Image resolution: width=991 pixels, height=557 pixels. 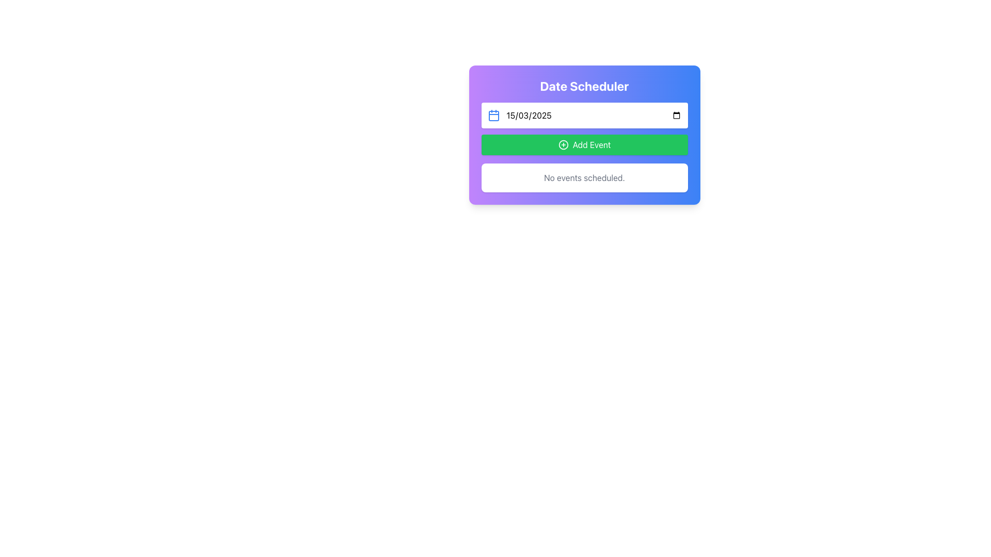 What do you see at coordinates (563, 145) in the screenshot?
I see `the circular outline icon located at the top center of the green 'Add Event' button` at bounding box center [563, 145].